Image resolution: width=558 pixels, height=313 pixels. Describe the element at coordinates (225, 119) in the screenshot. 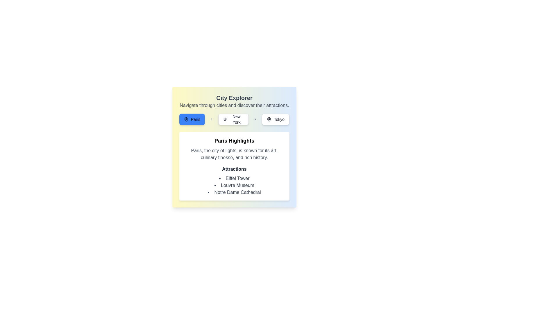

I see `the decorative vector graphic icon resembling a pin or location mark within the 'Paris' button located at the top left section of the card` at that location.